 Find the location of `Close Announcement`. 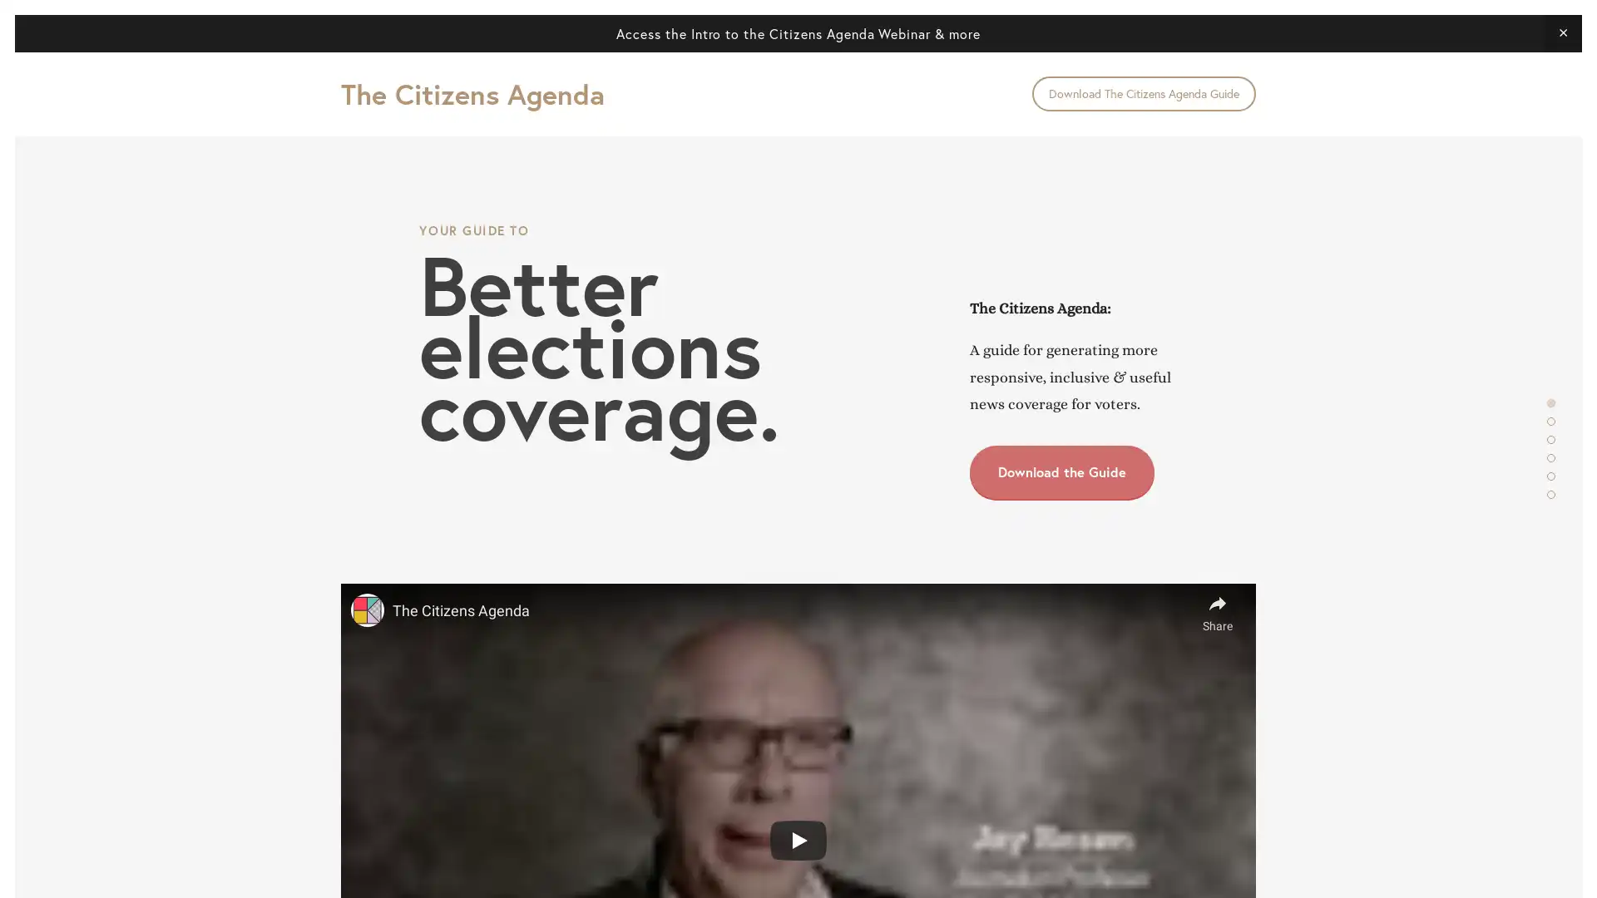

Close Announcement is located at coordinates (1562, 32).